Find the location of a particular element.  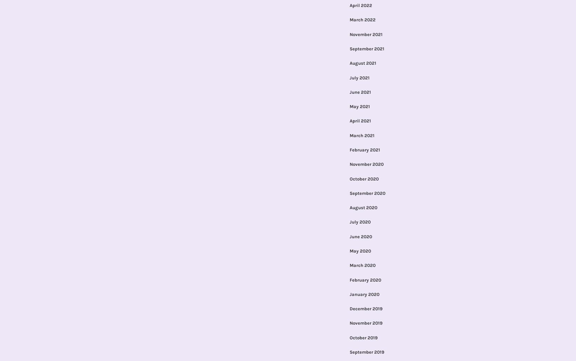

'July 2020' is located at coordinates (359, 222).